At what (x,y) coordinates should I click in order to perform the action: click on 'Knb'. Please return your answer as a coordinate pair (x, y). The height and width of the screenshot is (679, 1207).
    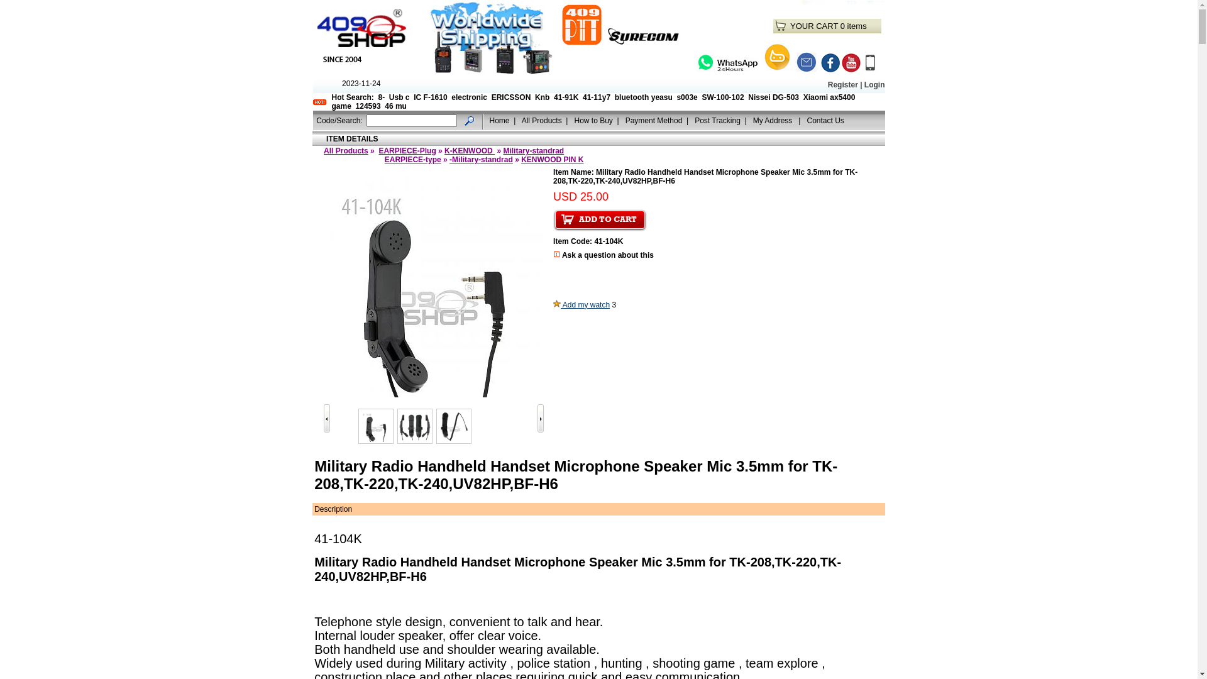
    Looking at the image, I should click on (542, 96).